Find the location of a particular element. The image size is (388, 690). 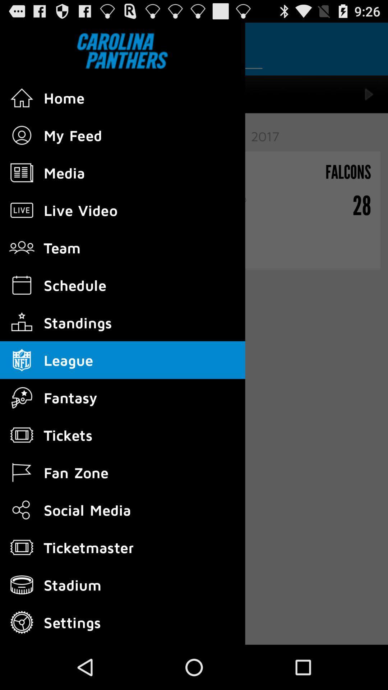

the home icon is located at coordinates (18, 100).